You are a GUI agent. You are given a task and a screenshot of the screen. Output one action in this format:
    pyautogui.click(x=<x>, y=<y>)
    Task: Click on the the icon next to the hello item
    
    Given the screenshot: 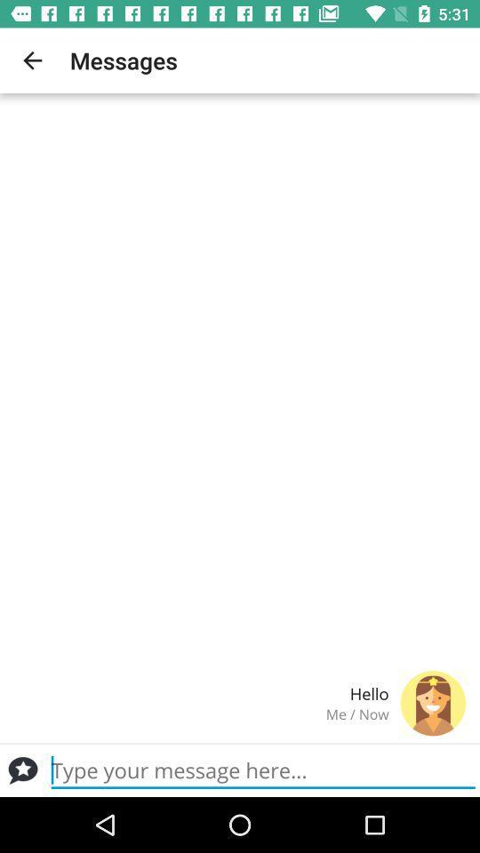 What is the action you would take?
    pyautogui.click(x=432, y=703)
    